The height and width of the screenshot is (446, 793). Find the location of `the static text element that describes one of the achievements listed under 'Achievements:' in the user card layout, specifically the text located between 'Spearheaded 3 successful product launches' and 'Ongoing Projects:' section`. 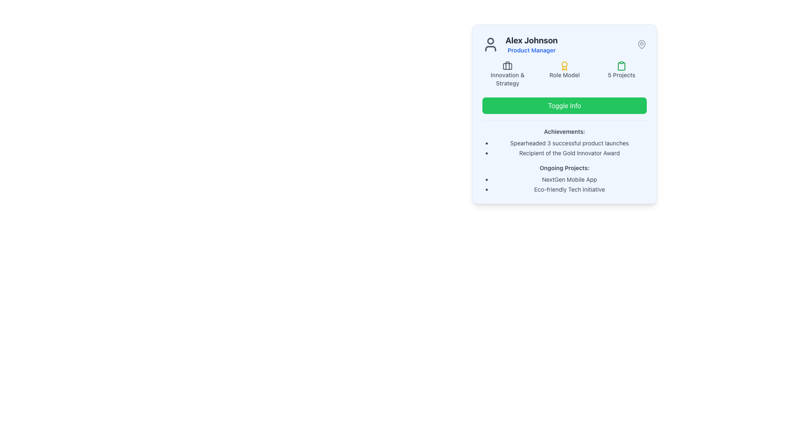

the static text element that describes one of the achievements listed under 'Achievements:' in the user card layout, specifically the text located between 'Spearheaded 3 successful product launches' and 'Ongoing Projects:' section is located at coordinates (569, 153).